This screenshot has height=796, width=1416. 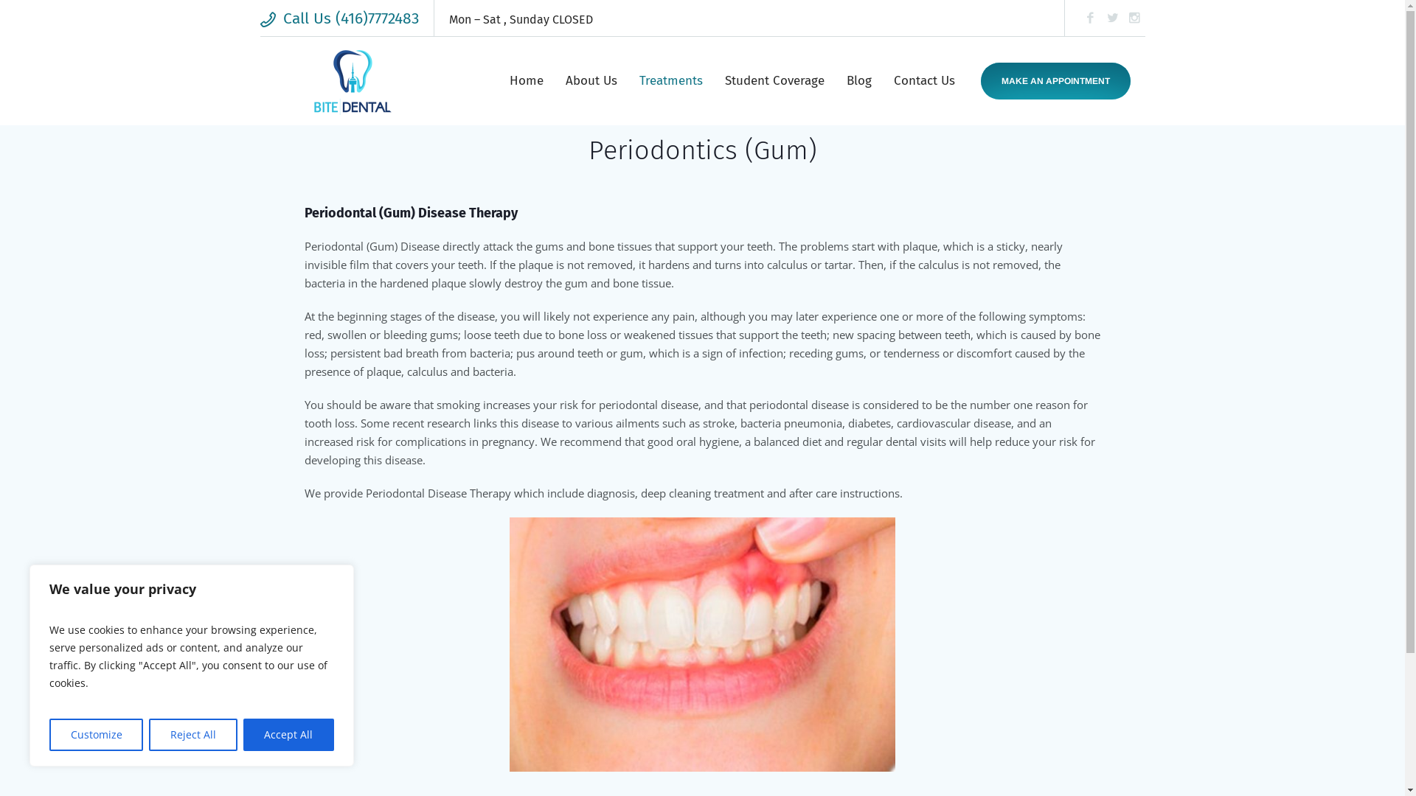 I want to click on 'Contact Us', so click(x=923, y=81).